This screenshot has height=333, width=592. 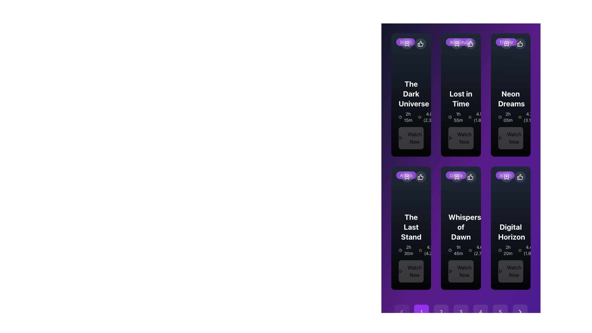 What do you see at coordinates (407, 43) in the screenshot?
I see `the bookmark button located in the upper-right corner of the first card in the grid to bookmark the associated card for later reference` at bounding box center [407, 43].